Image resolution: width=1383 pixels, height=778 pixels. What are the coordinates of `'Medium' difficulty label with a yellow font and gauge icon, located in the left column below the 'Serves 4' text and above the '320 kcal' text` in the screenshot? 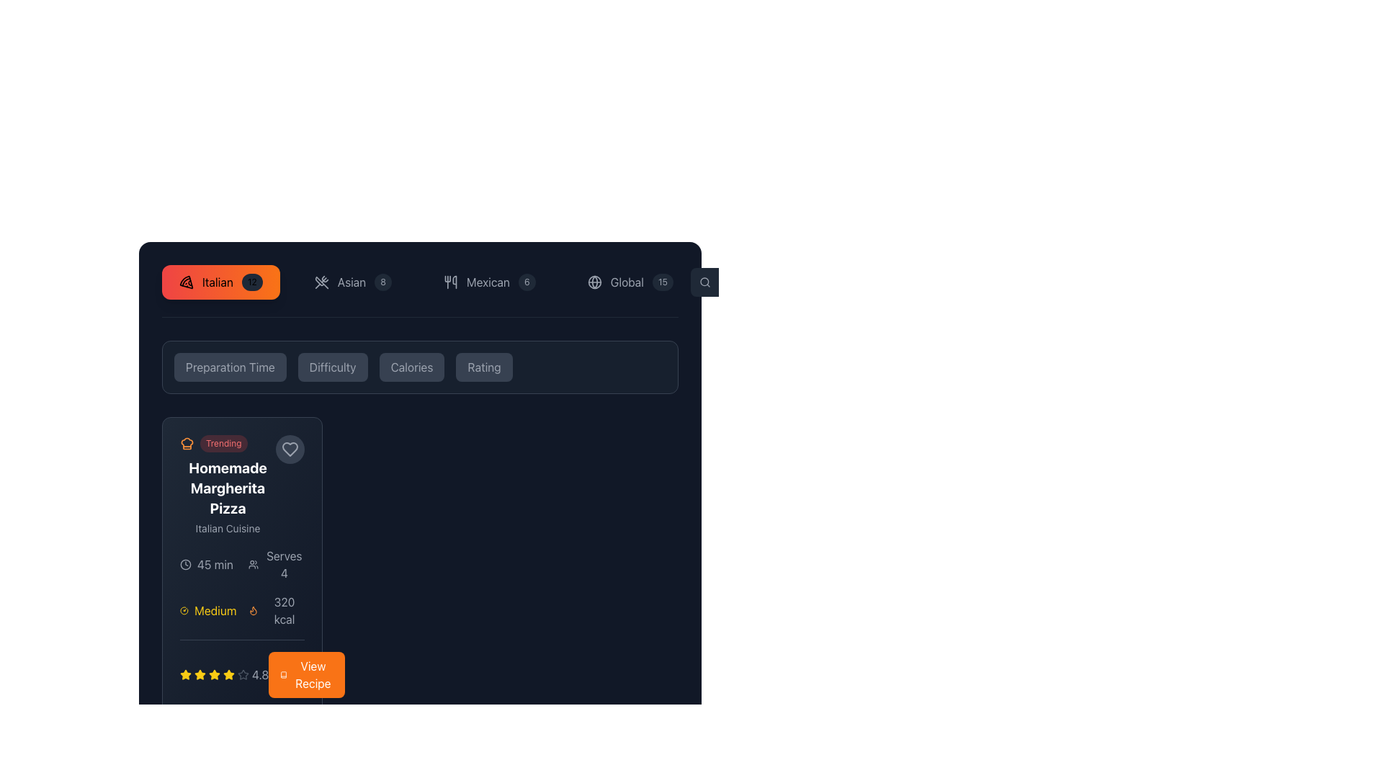 It's located at (207, 611).